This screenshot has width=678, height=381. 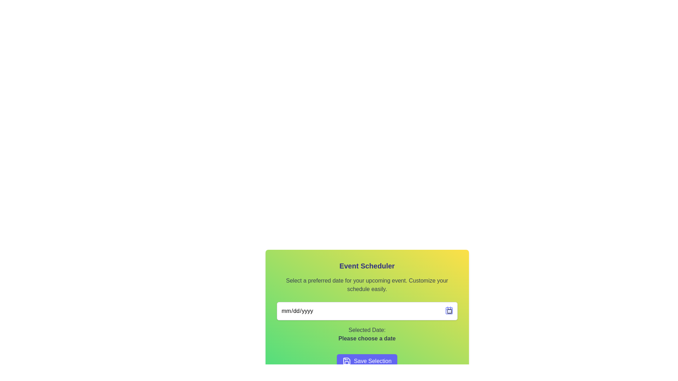 I want to click on a date in the input box within the 'Event Scheduler' Form section, which has a gradient background and contains a 'Save Selection' button, so click(x=367, y=314).